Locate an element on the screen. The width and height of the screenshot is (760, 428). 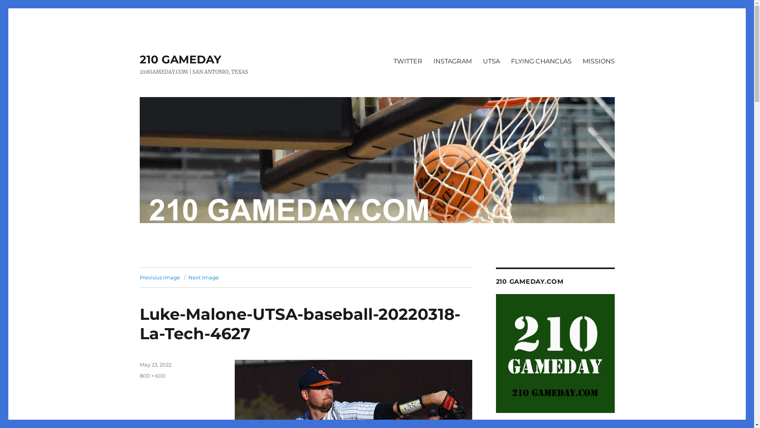
'Previous Image' is located at coordinates (159, 277).